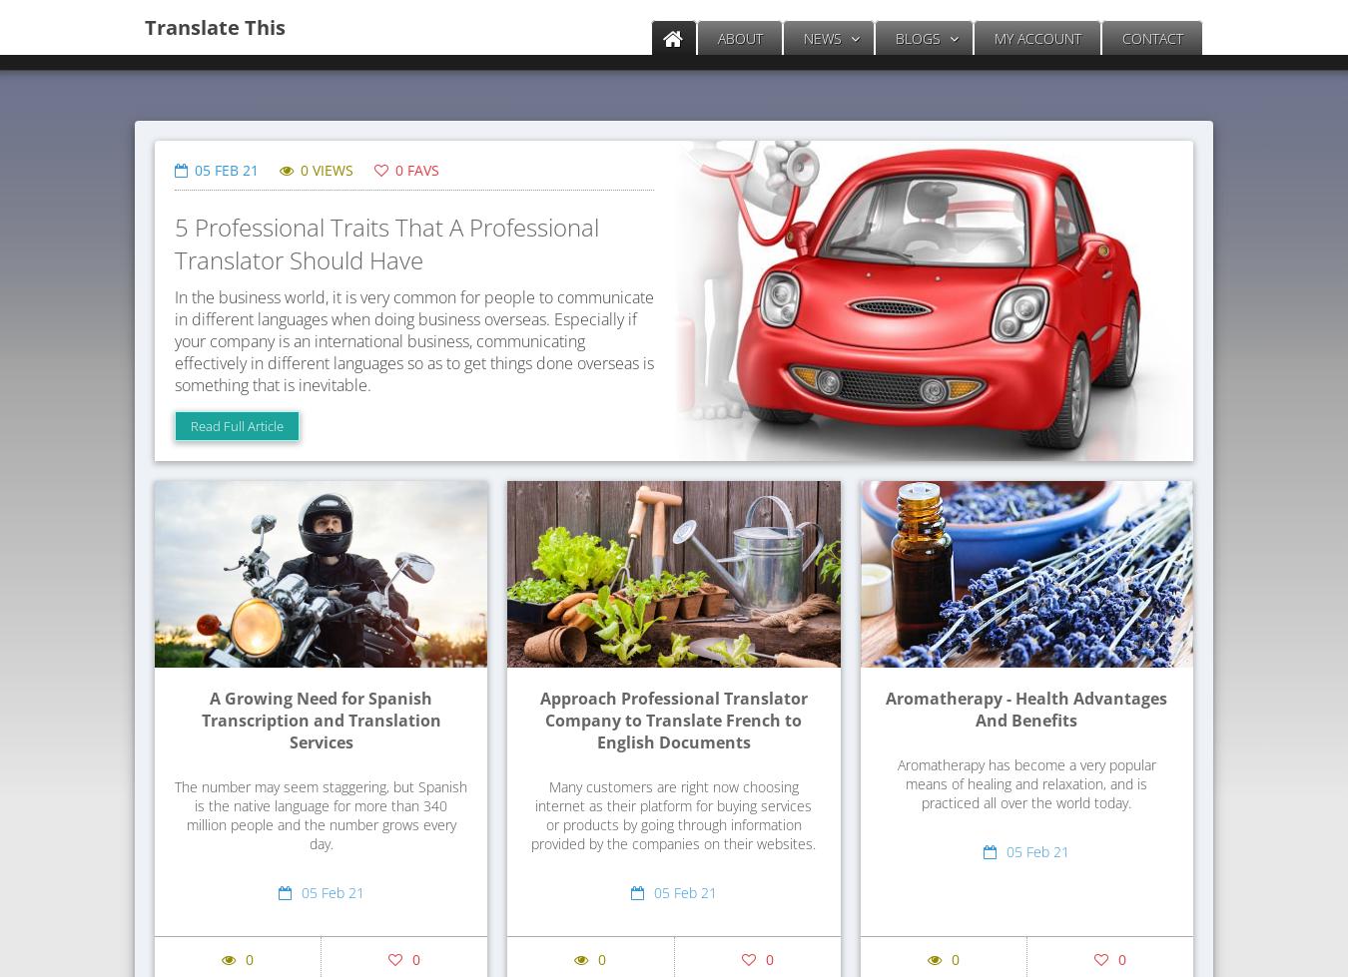  Describe the element at coordinates (300, 170) in the screenshot. I see `'0 VIEWS'` at that location.